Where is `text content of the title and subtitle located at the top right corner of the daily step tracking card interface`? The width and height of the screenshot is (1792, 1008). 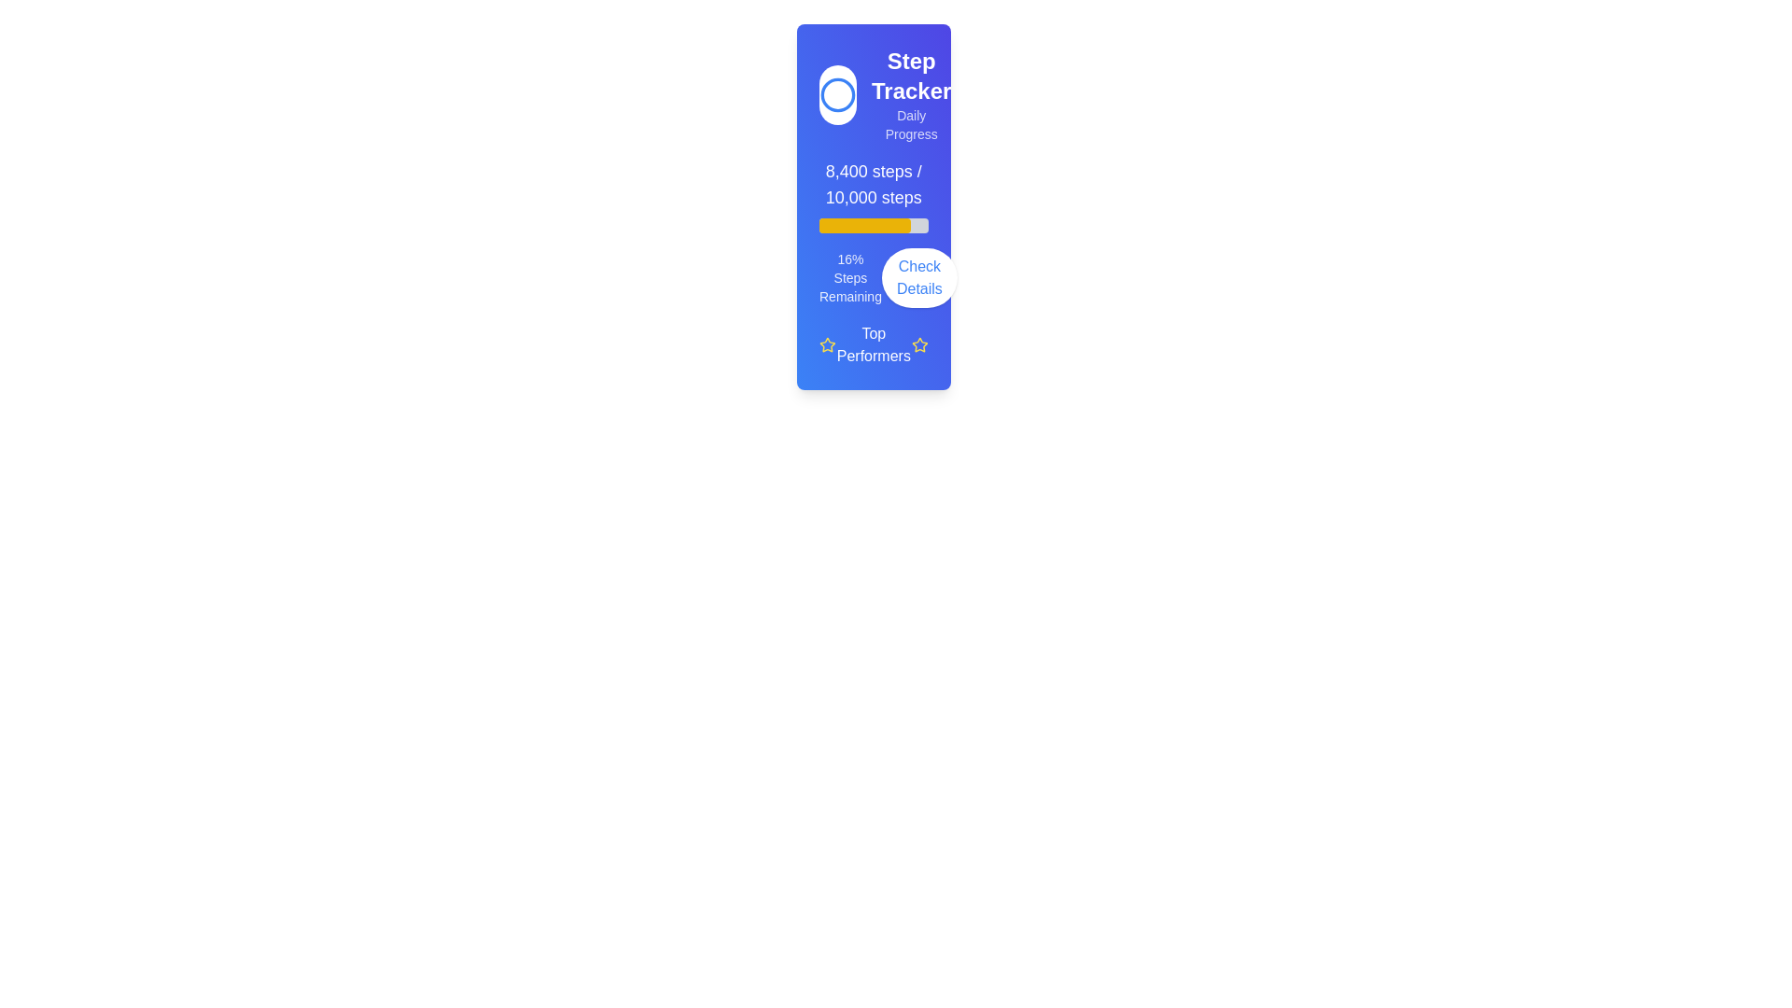
text content of the title and subtitle located at the top right corner of the daily step tracking card interface is located at coordinates (911, 94).